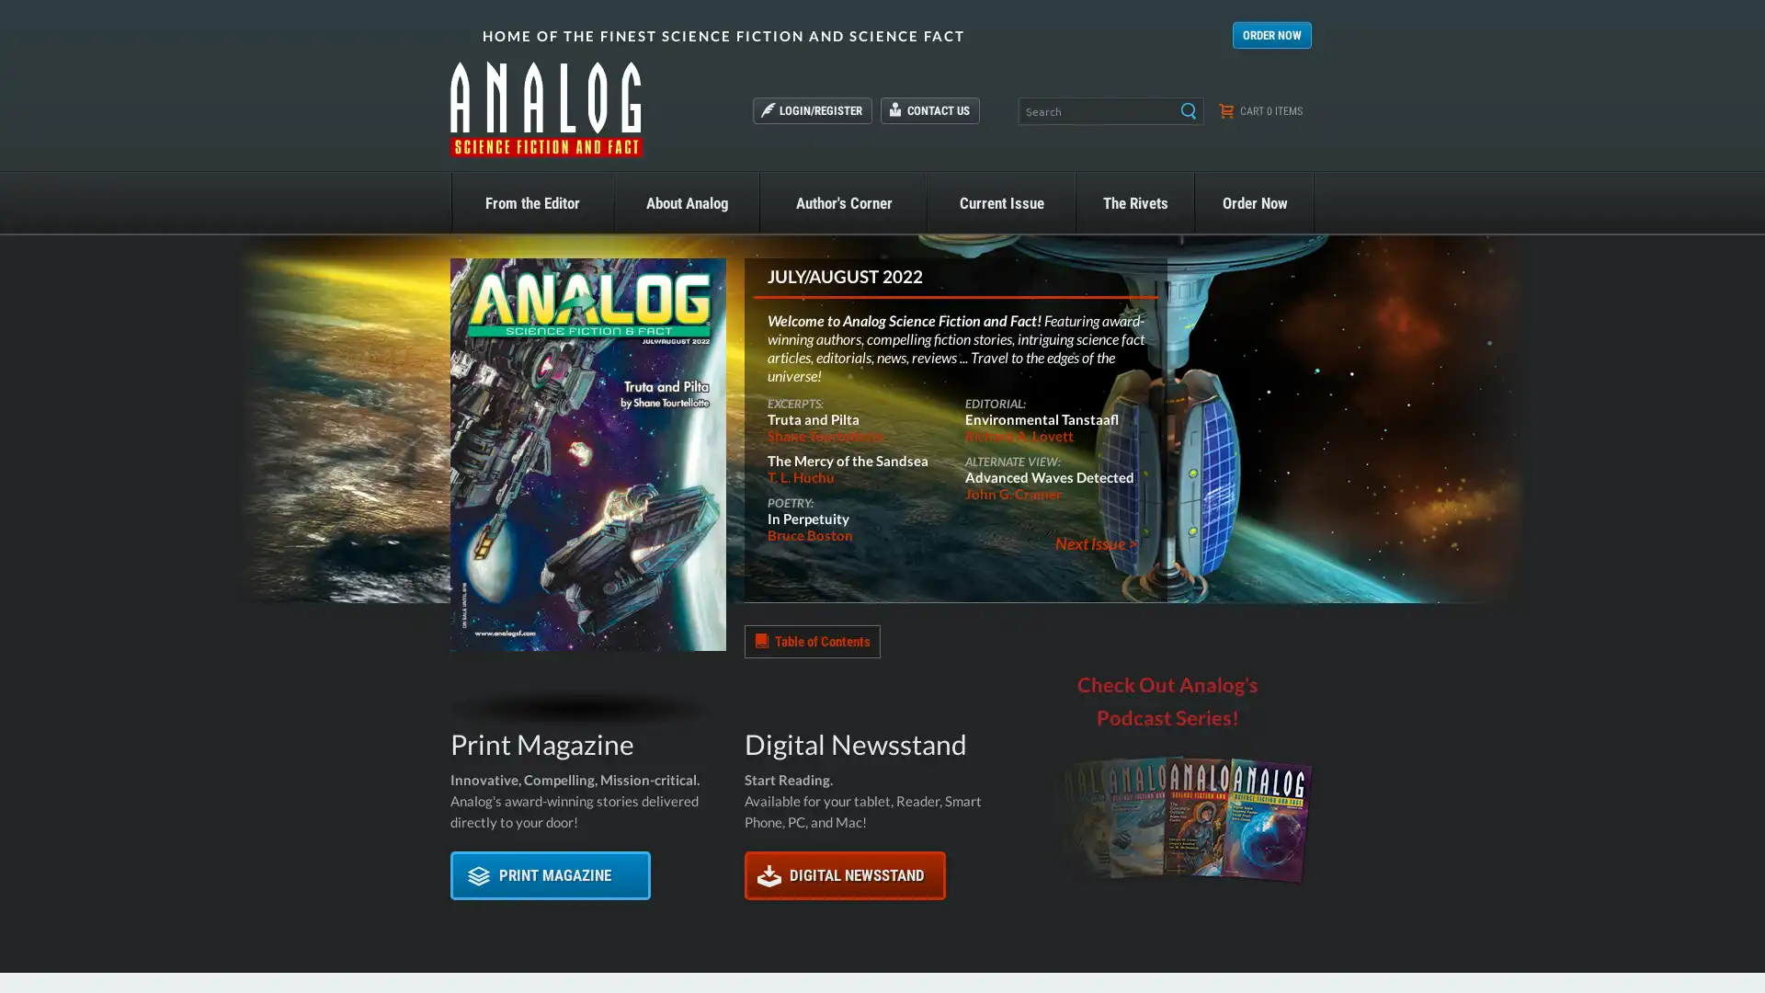  I want to click on Search, so click(1188, 110).